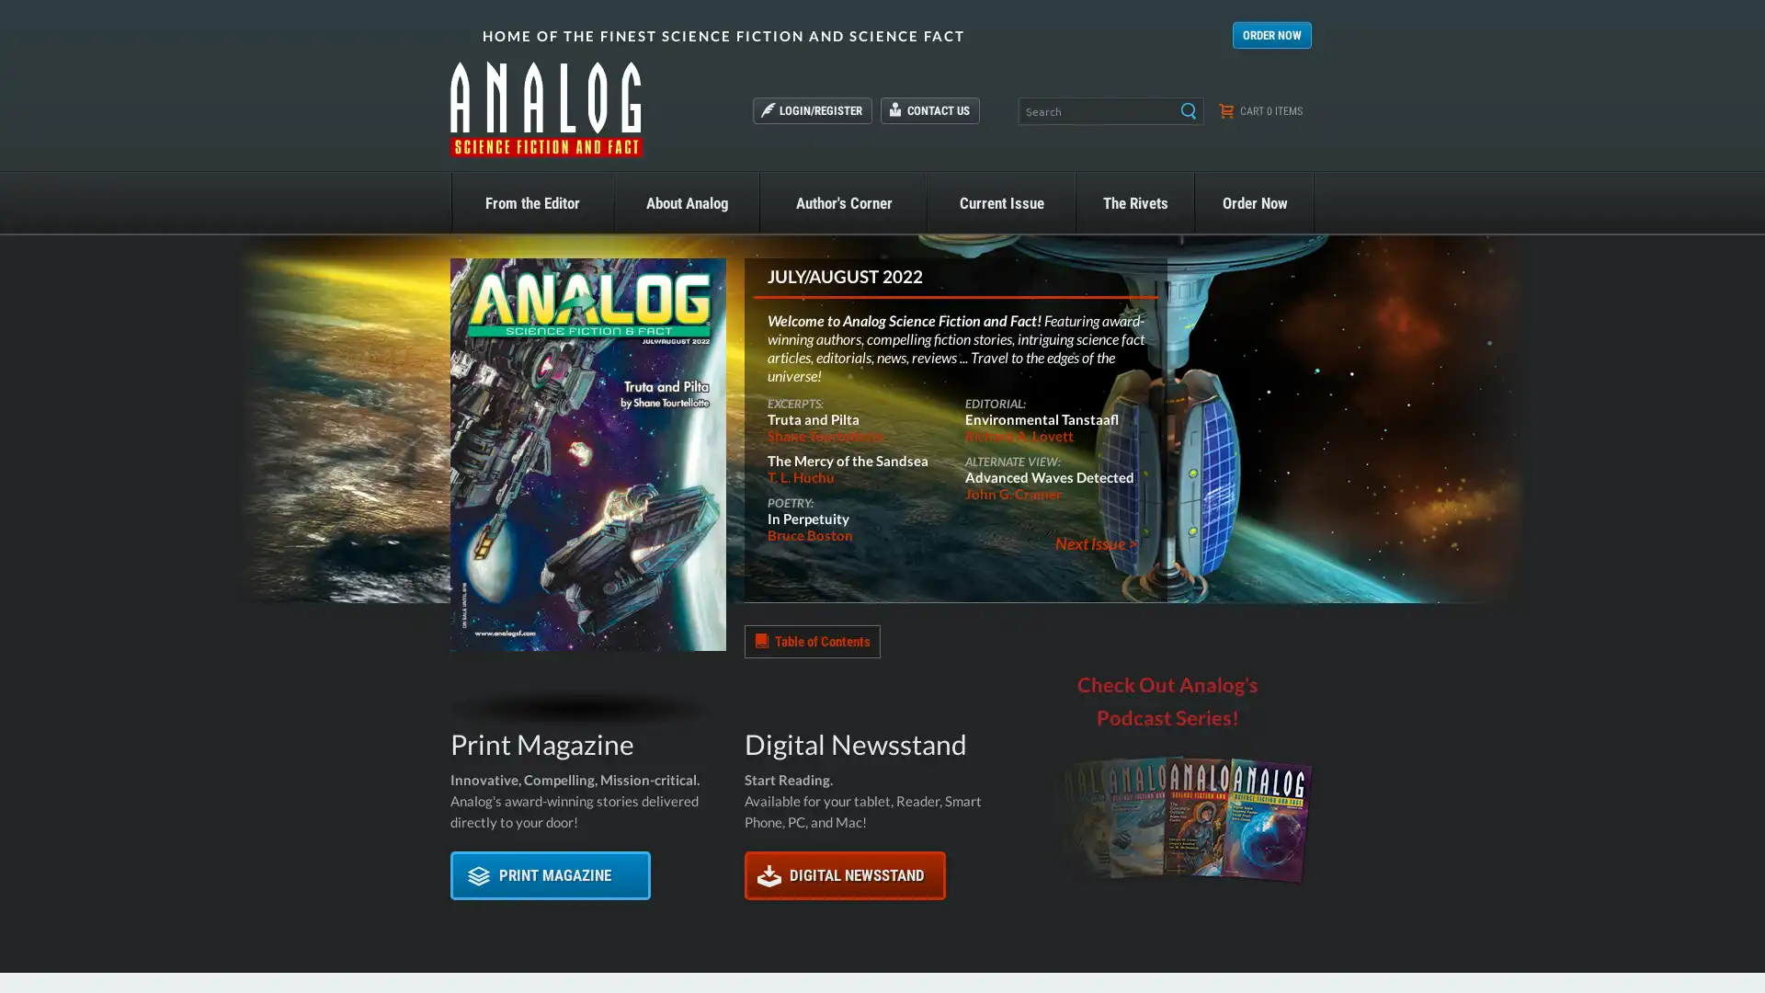  I want to click on Search, so click(1188, 110).